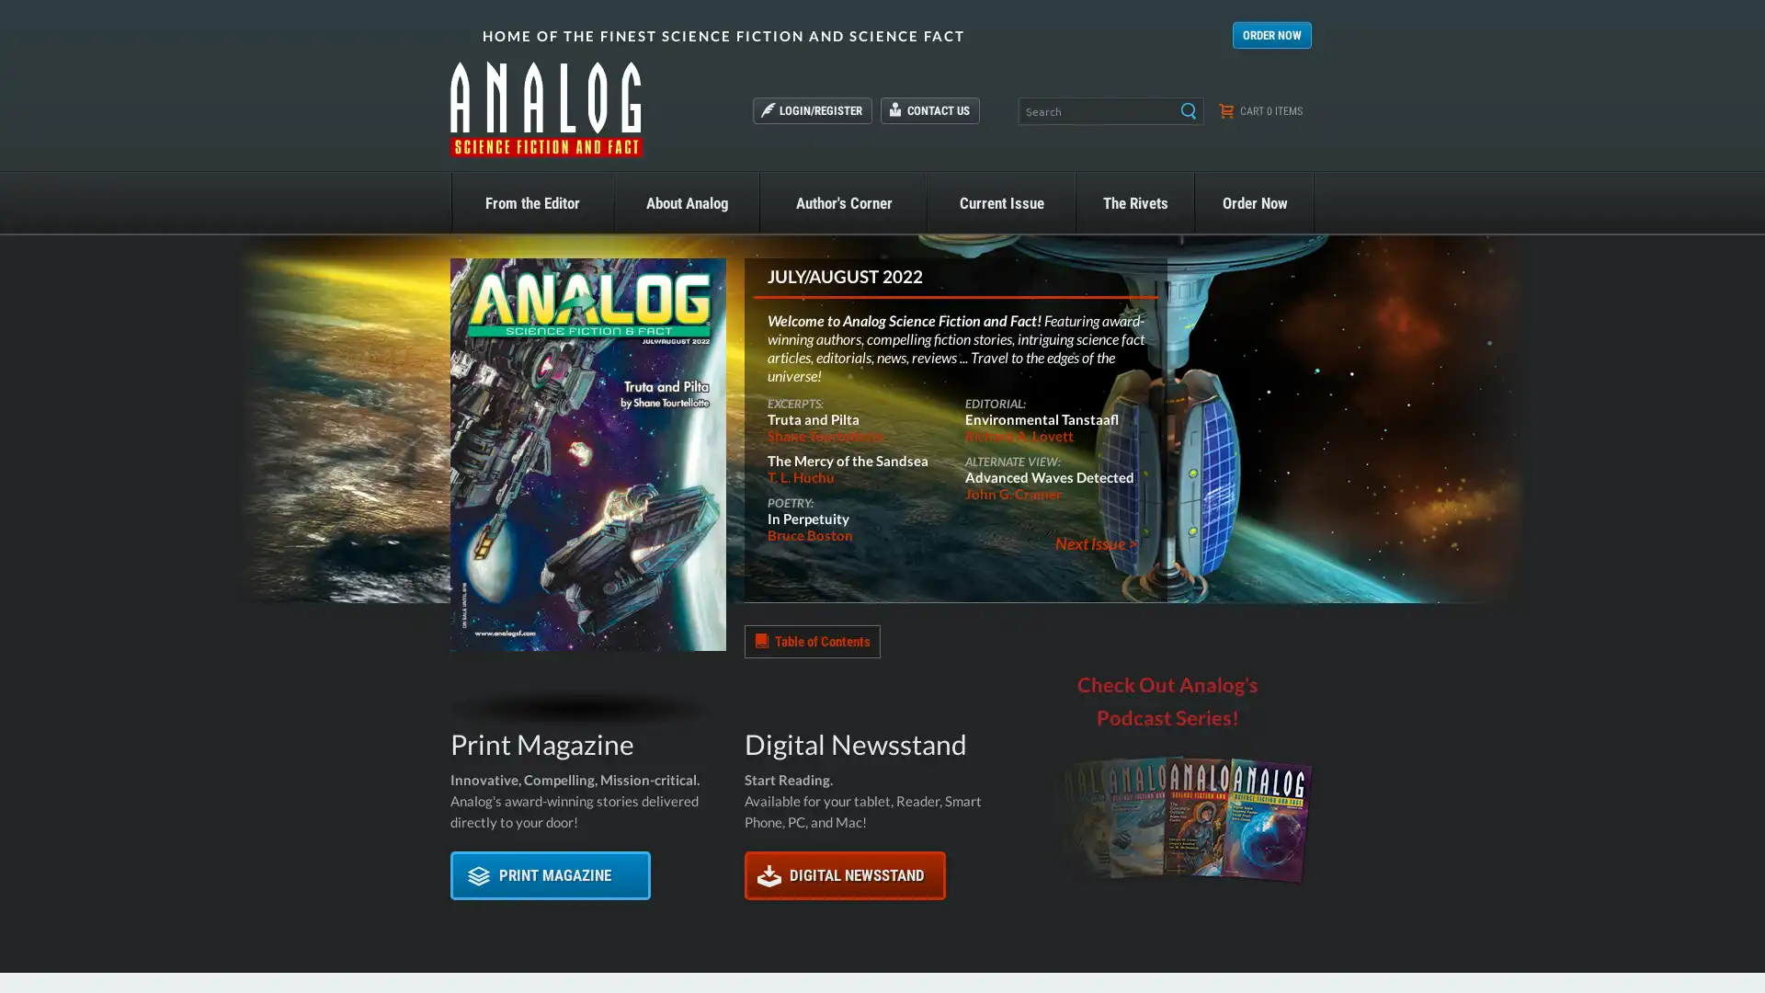  I want to click on Search, so click(1188, 110).